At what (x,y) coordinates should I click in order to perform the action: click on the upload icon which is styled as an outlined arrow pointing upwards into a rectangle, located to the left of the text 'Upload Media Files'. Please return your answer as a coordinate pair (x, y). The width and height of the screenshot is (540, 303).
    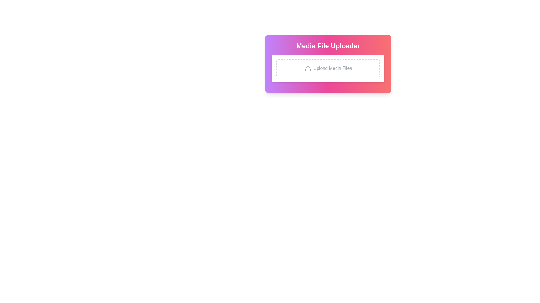
    Looking at the image, I should click on (307, 68).